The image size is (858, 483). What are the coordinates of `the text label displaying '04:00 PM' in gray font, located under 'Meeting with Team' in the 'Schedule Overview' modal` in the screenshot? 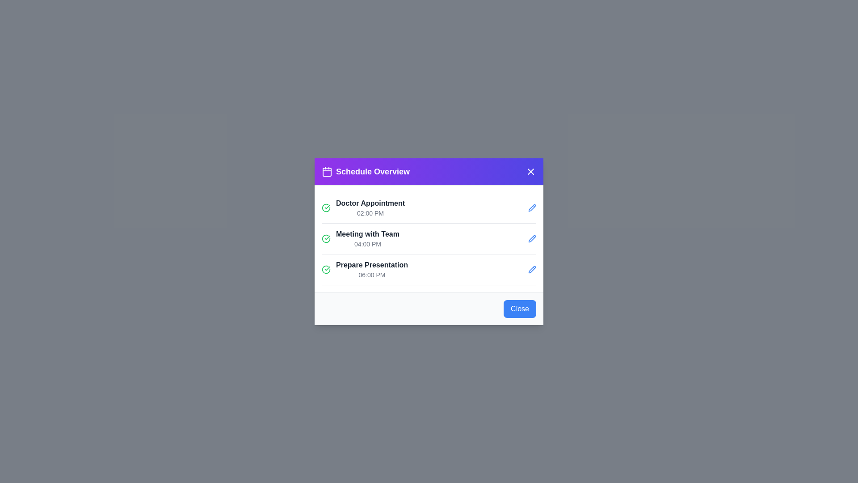 It's located at (367, 244).